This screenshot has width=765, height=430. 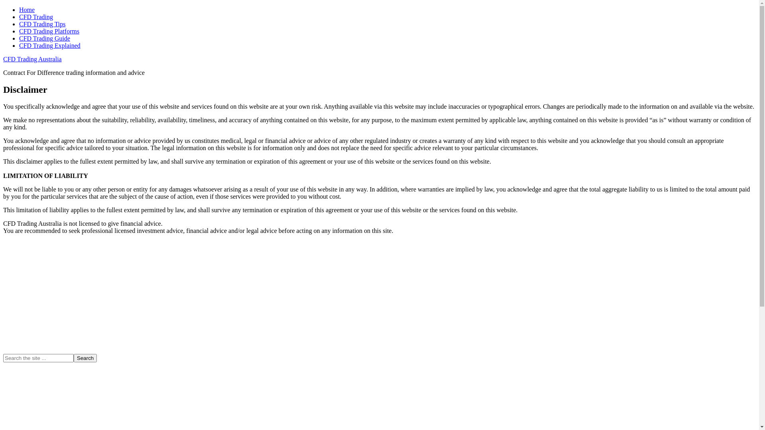 I want to click on 'CFD Trading Tips', so click(x=42, y=23).